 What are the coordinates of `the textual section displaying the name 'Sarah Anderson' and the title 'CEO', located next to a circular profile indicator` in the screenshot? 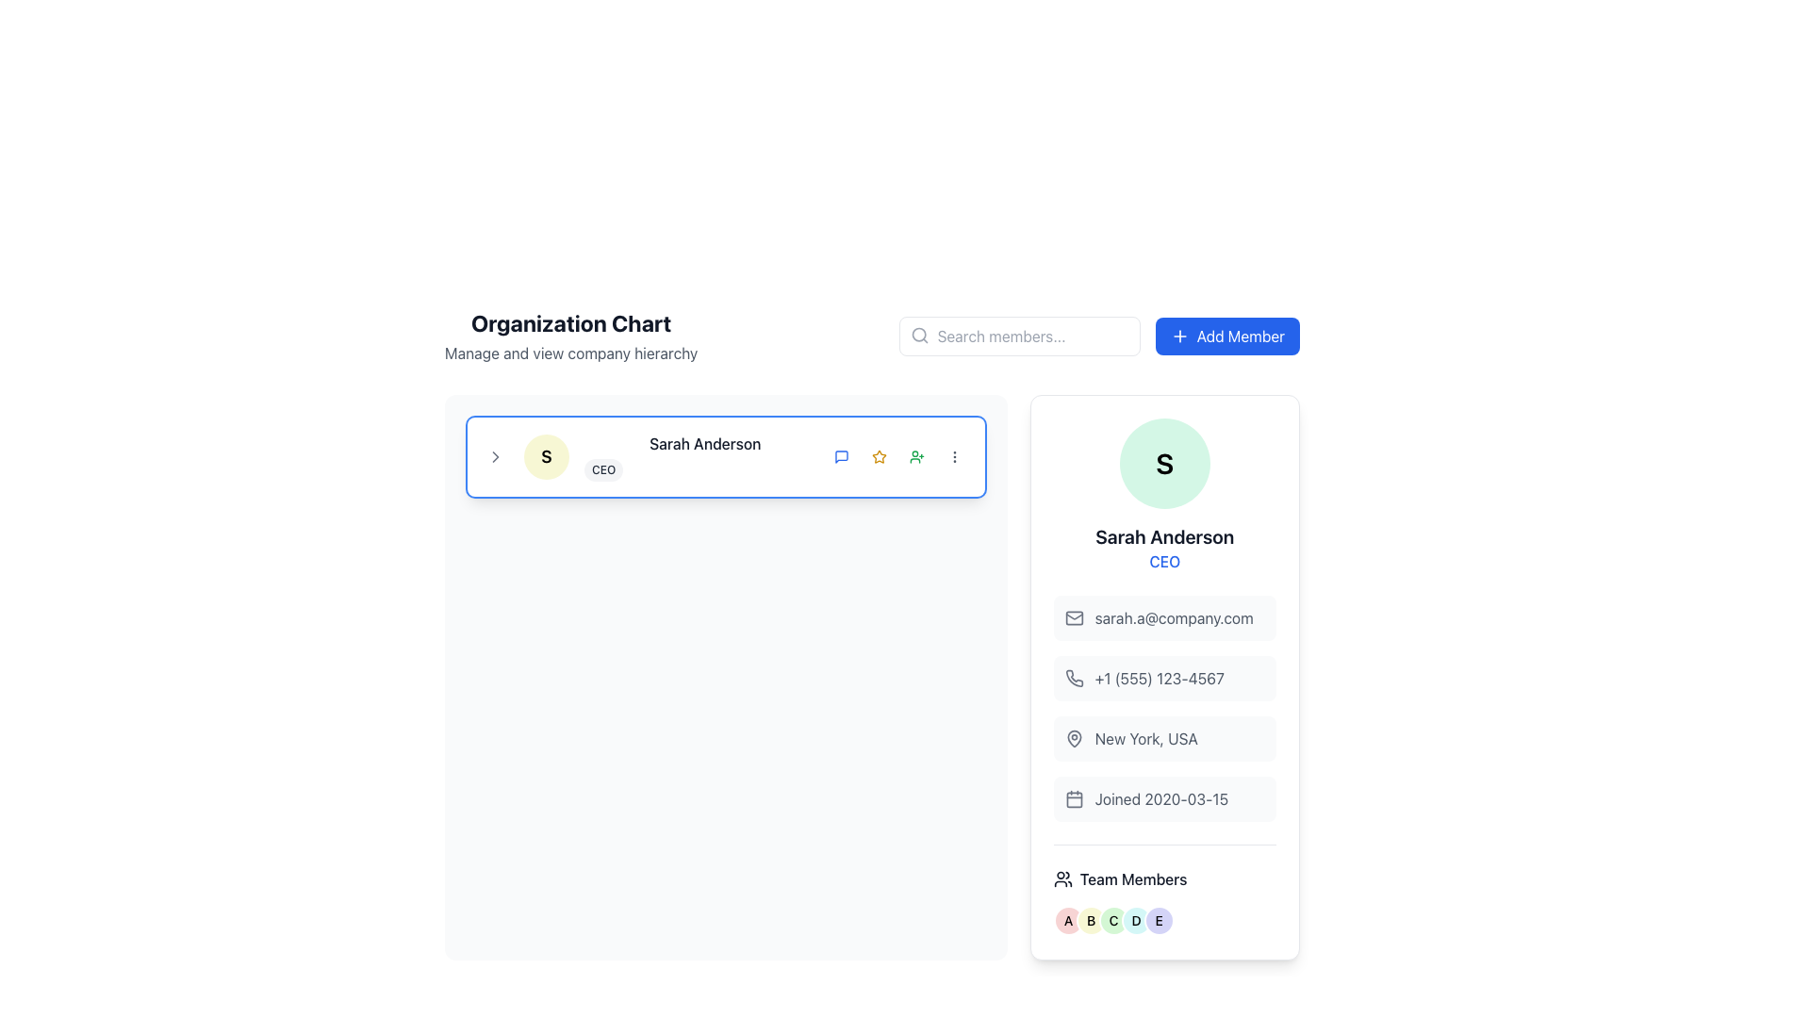 It's located at (725, 457).